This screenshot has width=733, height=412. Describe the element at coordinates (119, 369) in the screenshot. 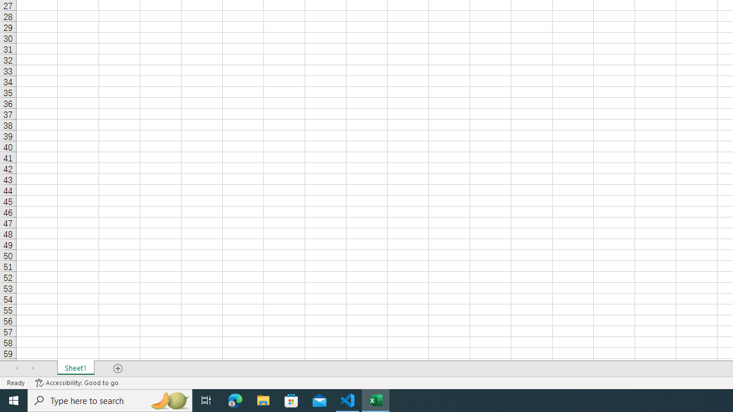

I see `'Add Sheet'` at that location.